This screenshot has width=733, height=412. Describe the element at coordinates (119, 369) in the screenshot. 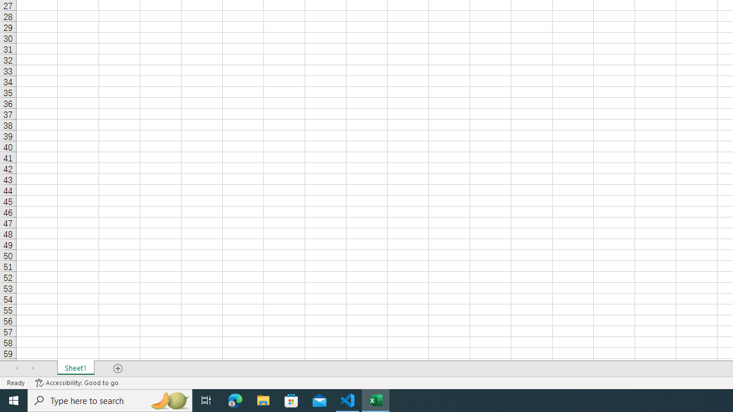

I see `'Add Sheet'` at that location.